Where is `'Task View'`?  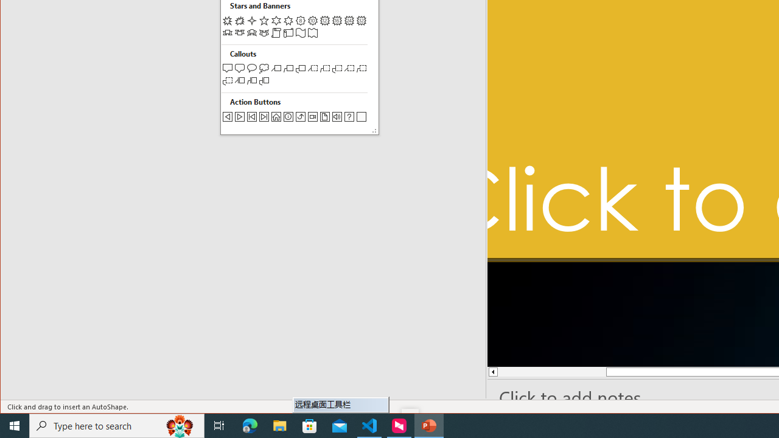 'Task View' is located at coordinates (218, 425).